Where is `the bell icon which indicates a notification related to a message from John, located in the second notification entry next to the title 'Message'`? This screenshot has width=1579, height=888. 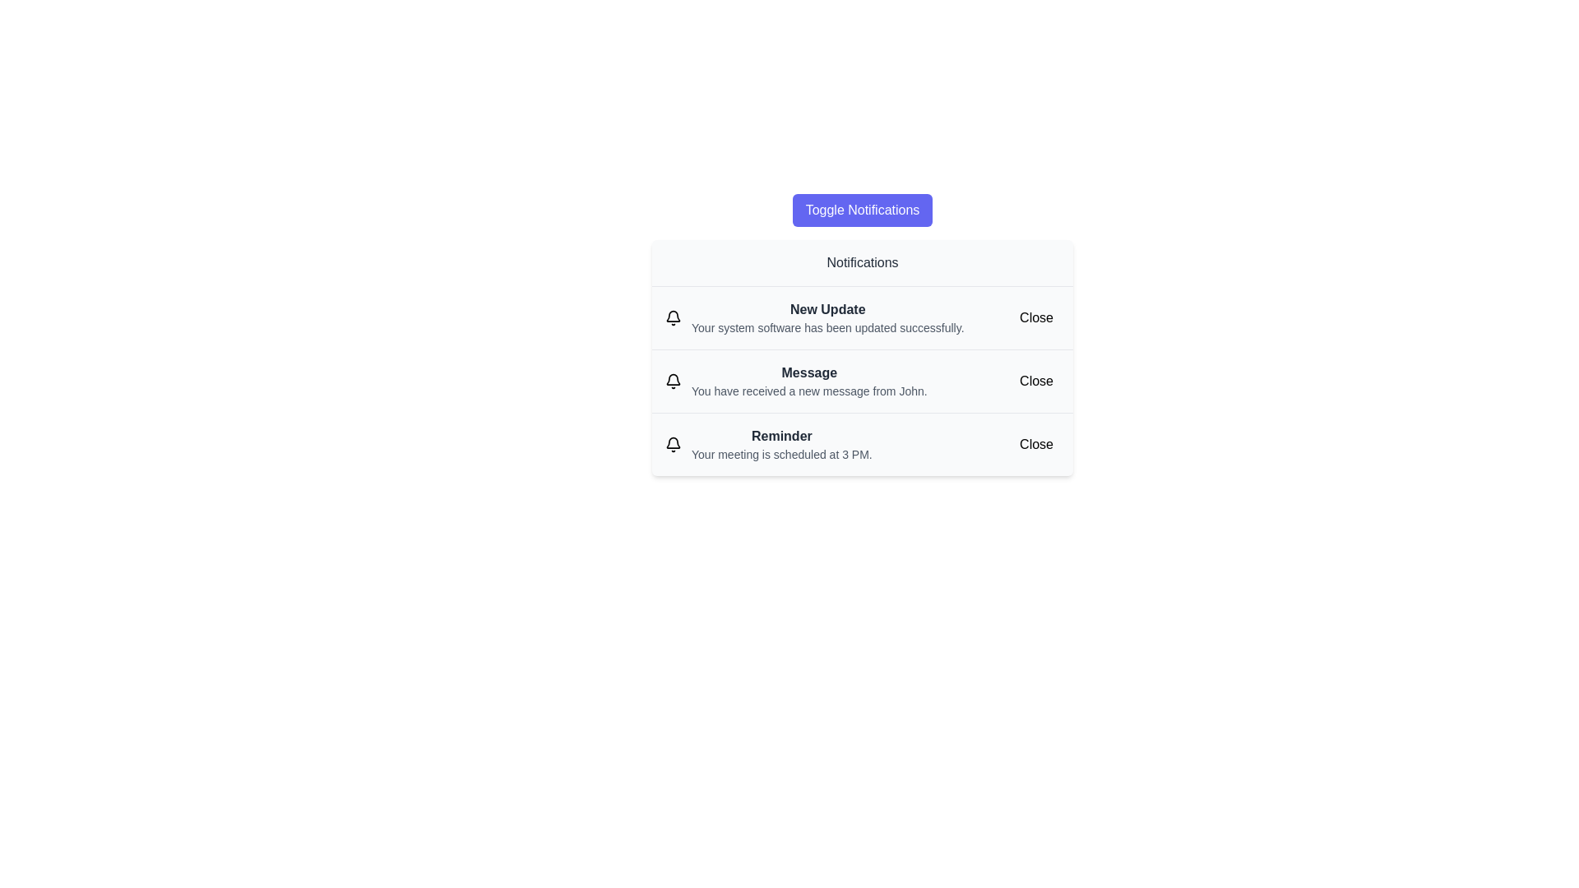 the bell icon which indicates a notification related to a message from John, located in the second notification entry next to the title 'Message' is located at coordinates (674, 381).